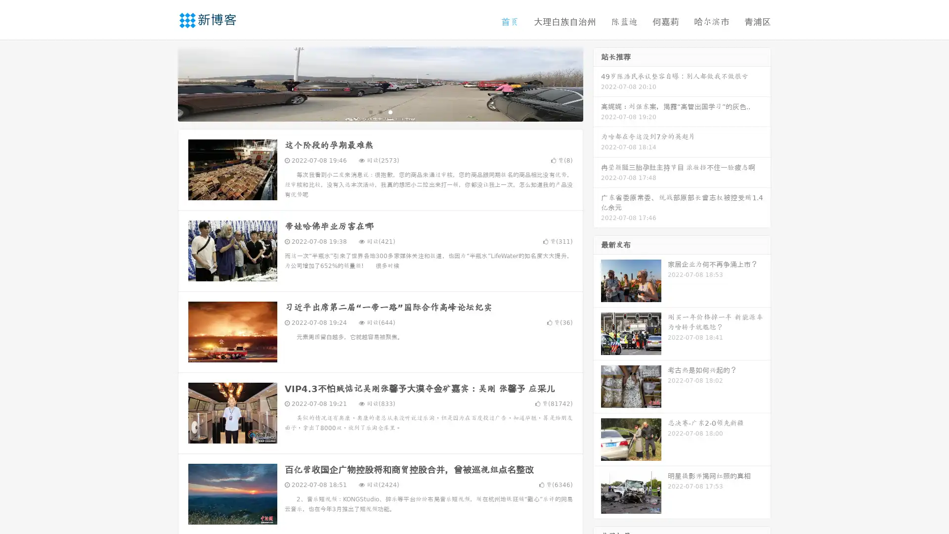 The height and width of the screenshot is (534, 949). Describe the element at coordinates (380, 111) in the screenshot. I see `Go to slide 2` at that location.